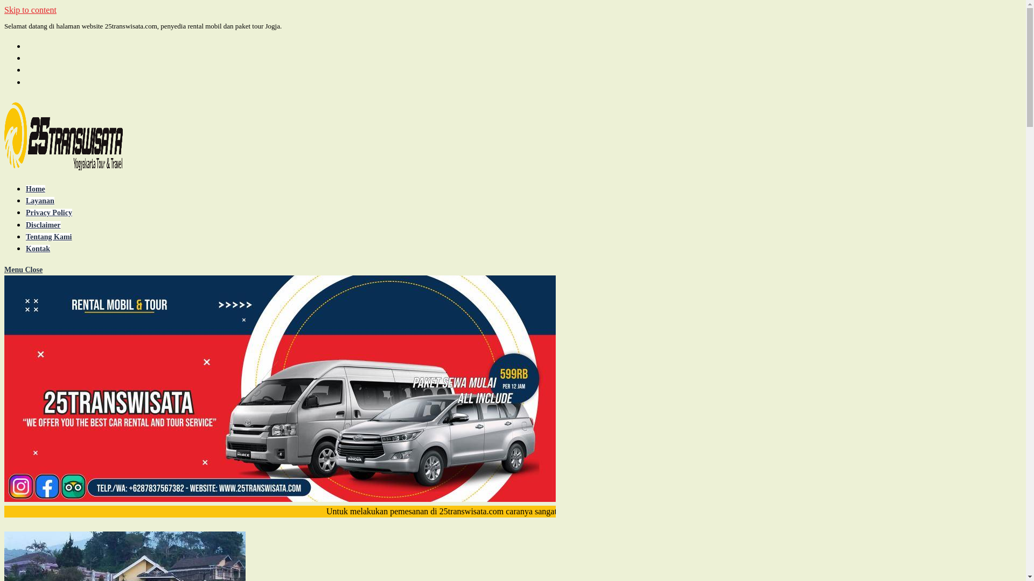  I want to click on 'Privacy Policy', so click(48, 212).